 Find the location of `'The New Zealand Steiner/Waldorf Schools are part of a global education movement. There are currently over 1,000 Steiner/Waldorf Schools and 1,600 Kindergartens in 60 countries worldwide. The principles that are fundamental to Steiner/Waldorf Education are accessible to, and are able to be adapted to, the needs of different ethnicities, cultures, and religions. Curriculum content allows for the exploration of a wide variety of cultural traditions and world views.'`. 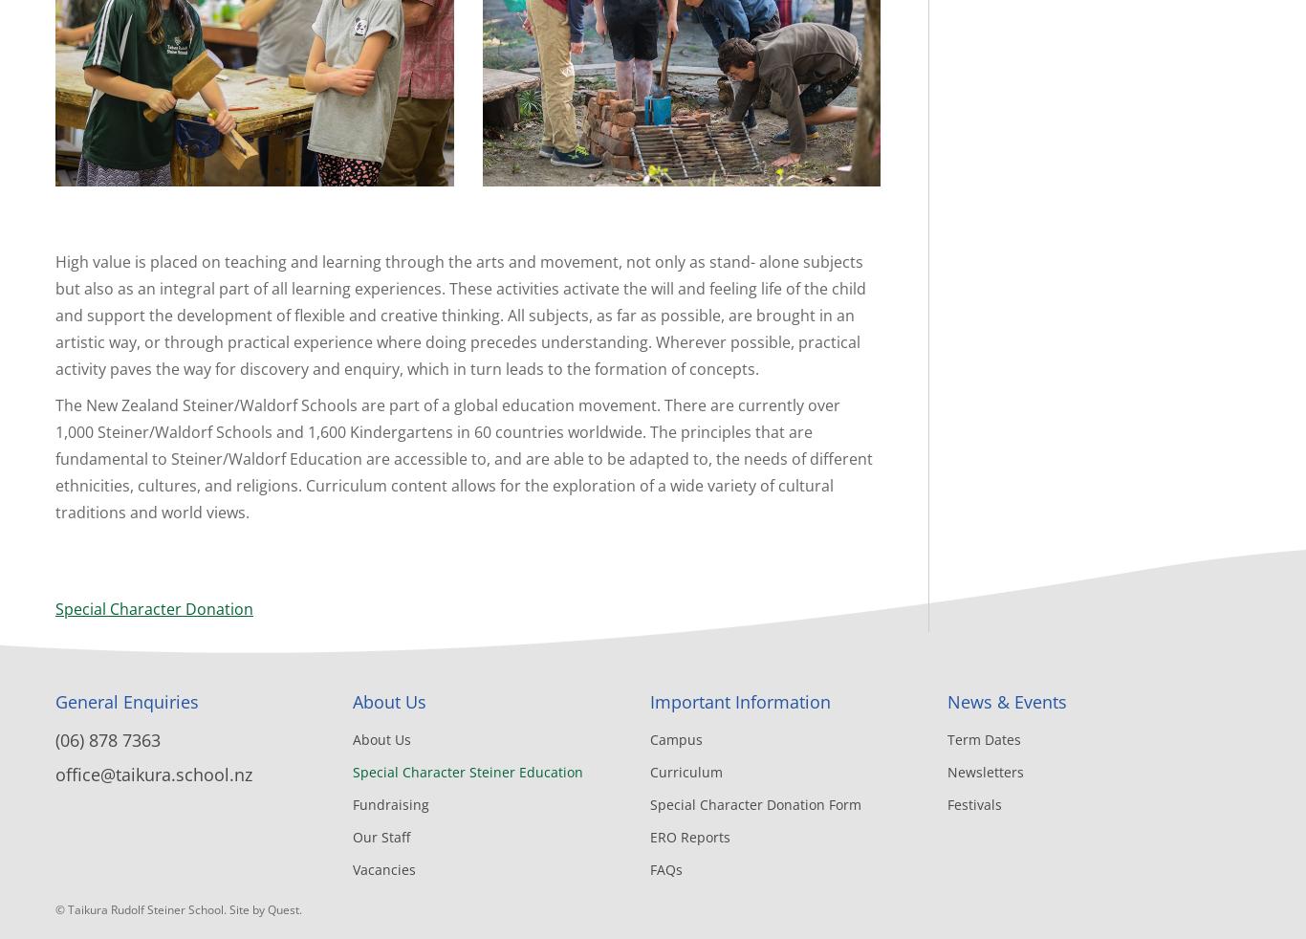

'The New Zealand Steiner/Waldorf Schools are part of a global education movement. There are currently over 1,000 Steiner/Waldorf Schools and 1,600 Kindergartens in 60 countries worldwide. The principles that are fundamental to Steiner/Waldorf Education are accessible to, and are able to be adapted to, the needs of different ethnicities, cultures, and religions. Curriculum content allows for the exploration of a wide variety of cultural traditions and world views.' is located at coordinates (464, 459).